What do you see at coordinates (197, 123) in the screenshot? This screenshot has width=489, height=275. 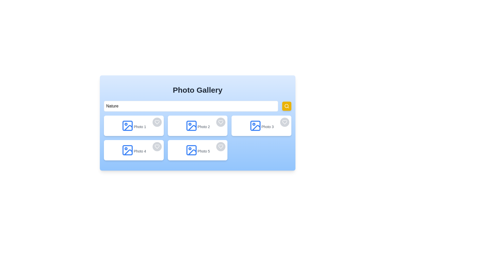 I see `a photo card within the gallery interface` at bounding box center [197, 123].